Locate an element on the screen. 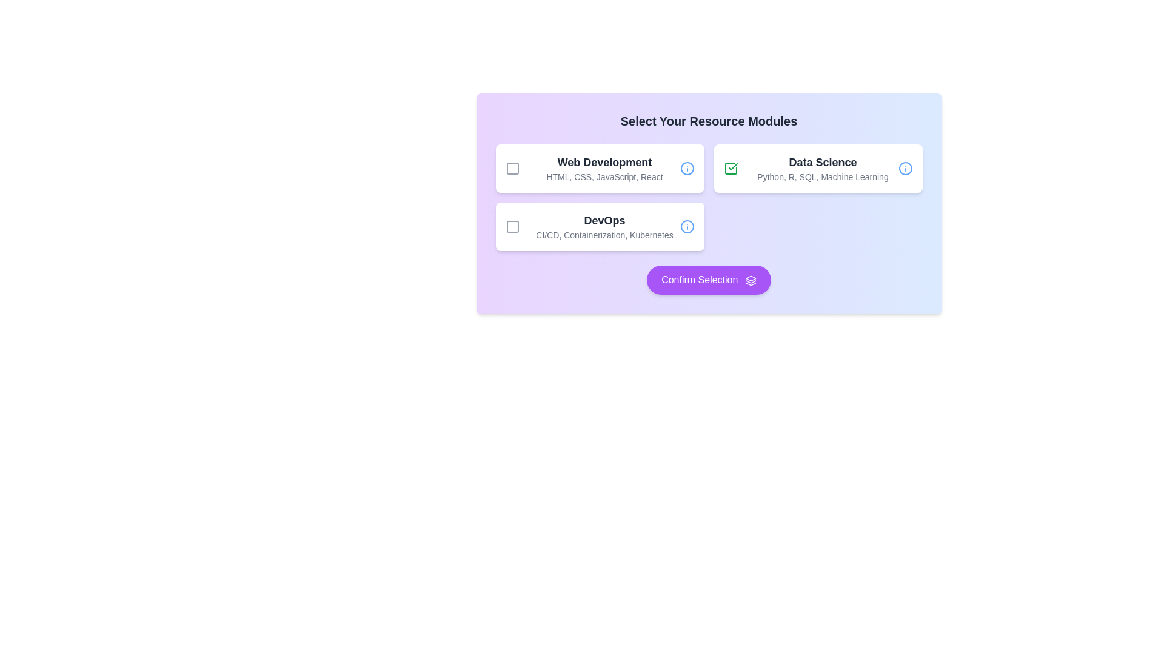  the module selection option for 'Data Science' located in the center right section of the interface within the bordered selection box is located at coordinates (823, 168).